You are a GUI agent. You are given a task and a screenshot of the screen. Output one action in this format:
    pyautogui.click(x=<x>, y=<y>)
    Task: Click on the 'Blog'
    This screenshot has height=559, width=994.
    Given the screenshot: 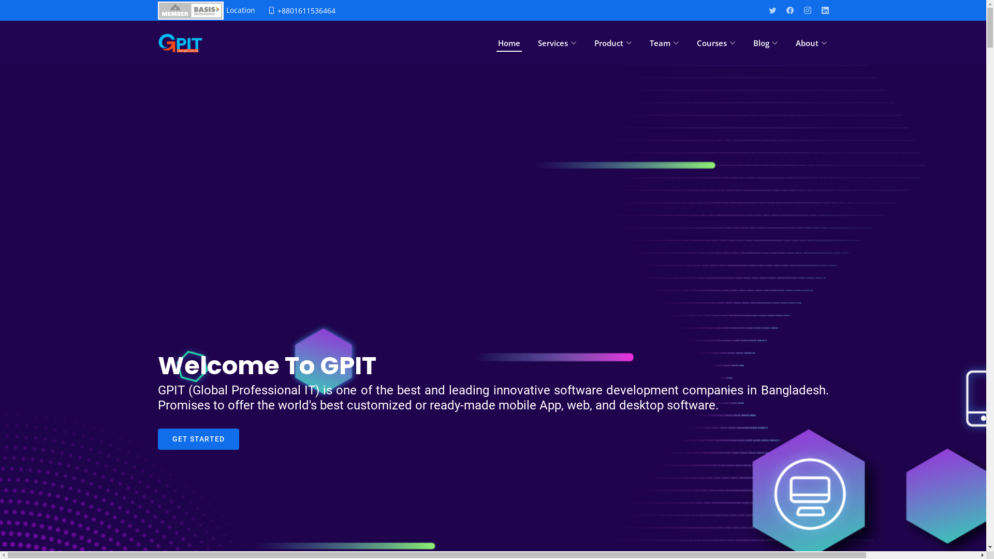 What is the action you would take?
    pyautogui.click(x=765, y=42)
    